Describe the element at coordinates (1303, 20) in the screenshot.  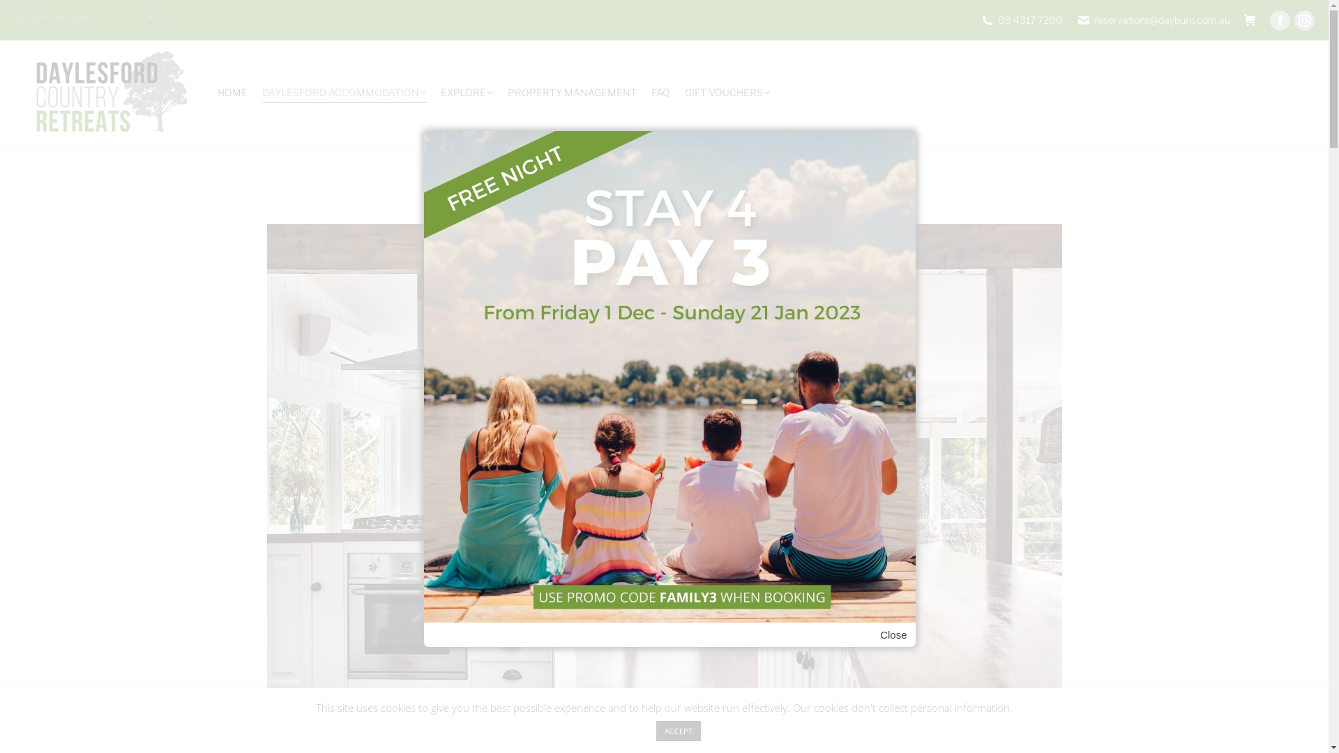
I see `'Instagram page opens in new window'` at that location.